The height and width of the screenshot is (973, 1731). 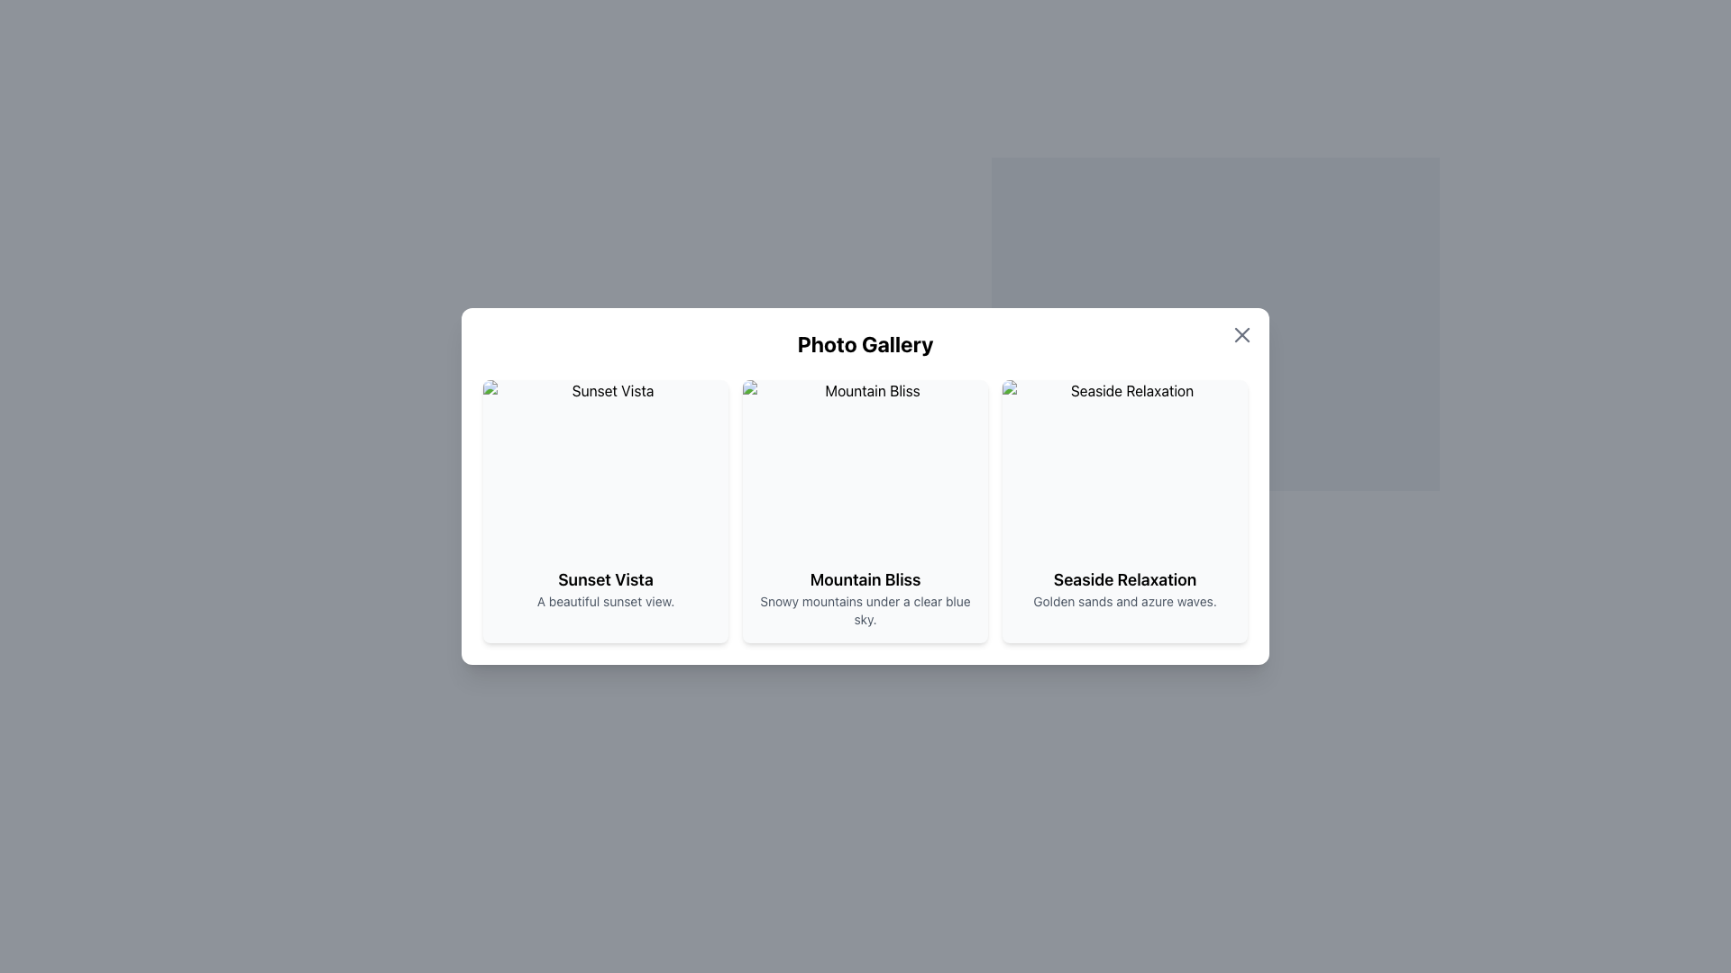 I want to click on the card titled 'Mountain Bliss' which displays a subtitle 'Snowy mountains under a clear blue sky' in the photo gallery modal, so click(x=865, y=511).